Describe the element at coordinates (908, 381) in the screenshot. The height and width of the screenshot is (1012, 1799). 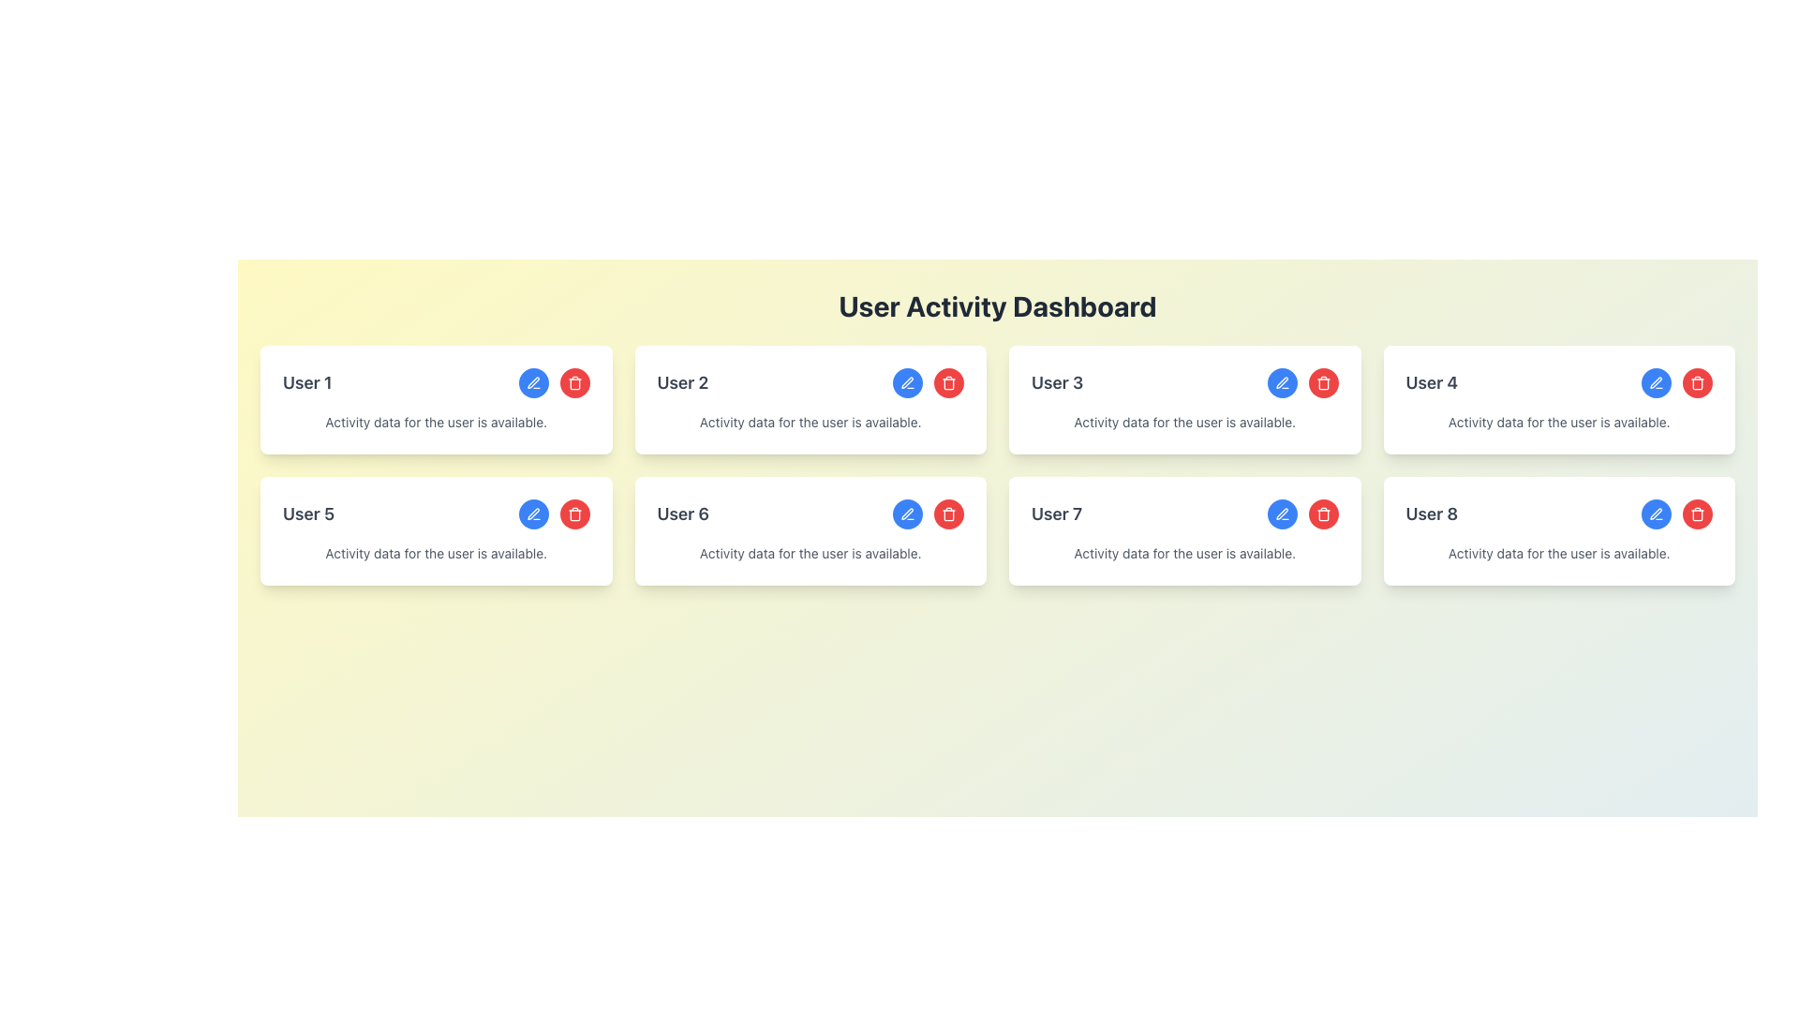
I see `the pen icon inside the blue circular button located at the top-right of the user card labeled 'User 2' to initiate the edit action` at that location.